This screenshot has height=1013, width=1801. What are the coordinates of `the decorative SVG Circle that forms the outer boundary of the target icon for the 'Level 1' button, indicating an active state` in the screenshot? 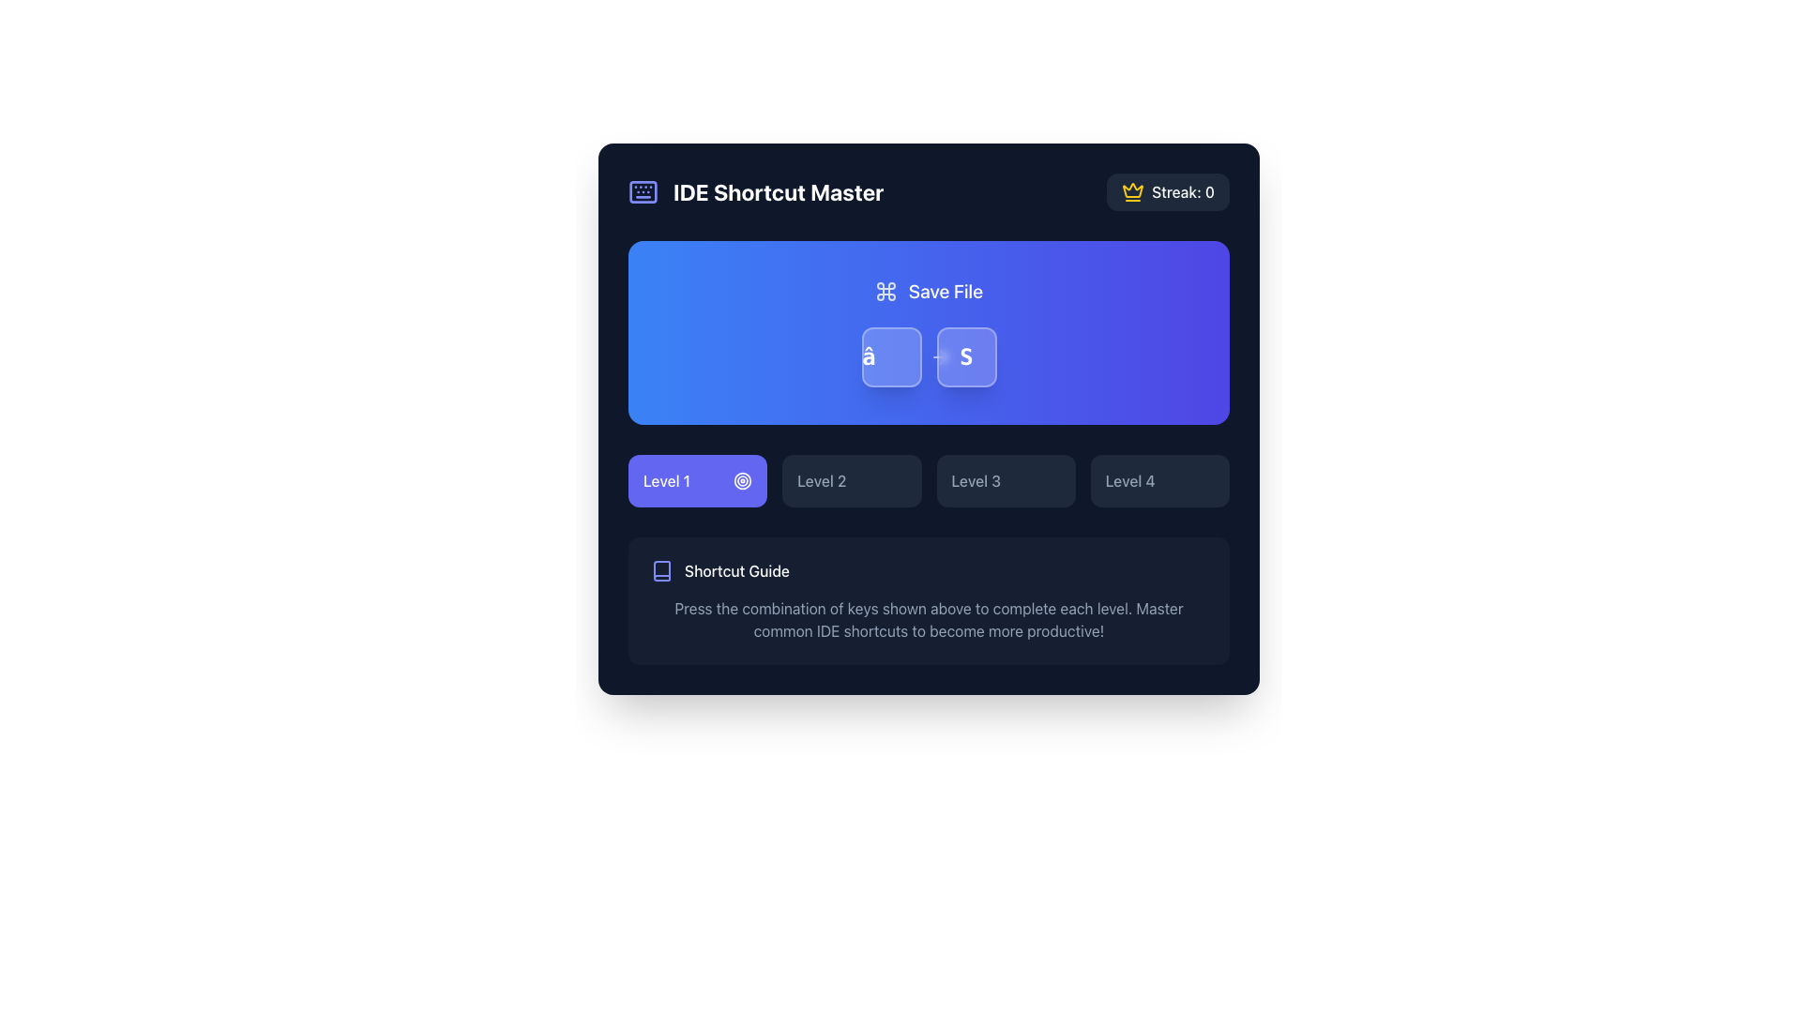 It's located at (742, 480).